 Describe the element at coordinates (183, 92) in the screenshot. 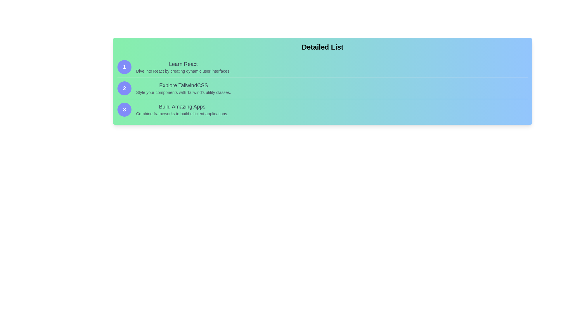

I see `the text element displaying 'Style your components with Tailwind's utility classes.', which is a descriptive subtext located below the heading 'Explore TailwindCSS'` at that location.